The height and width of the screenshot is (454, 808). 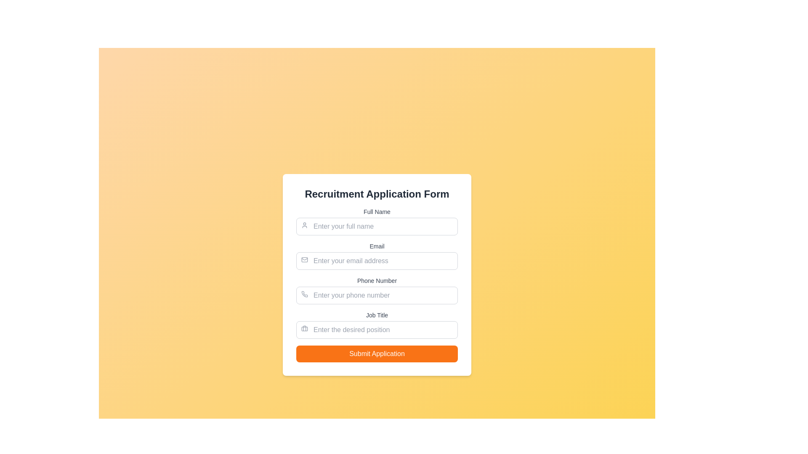 I want to click on any of the input fields contained within the 'Recruitment Application Form' section, which includes fields for 'Full Name,' 'Email,' 'Phone Number,' and 'Job Title.', so click(x=377, y=285).